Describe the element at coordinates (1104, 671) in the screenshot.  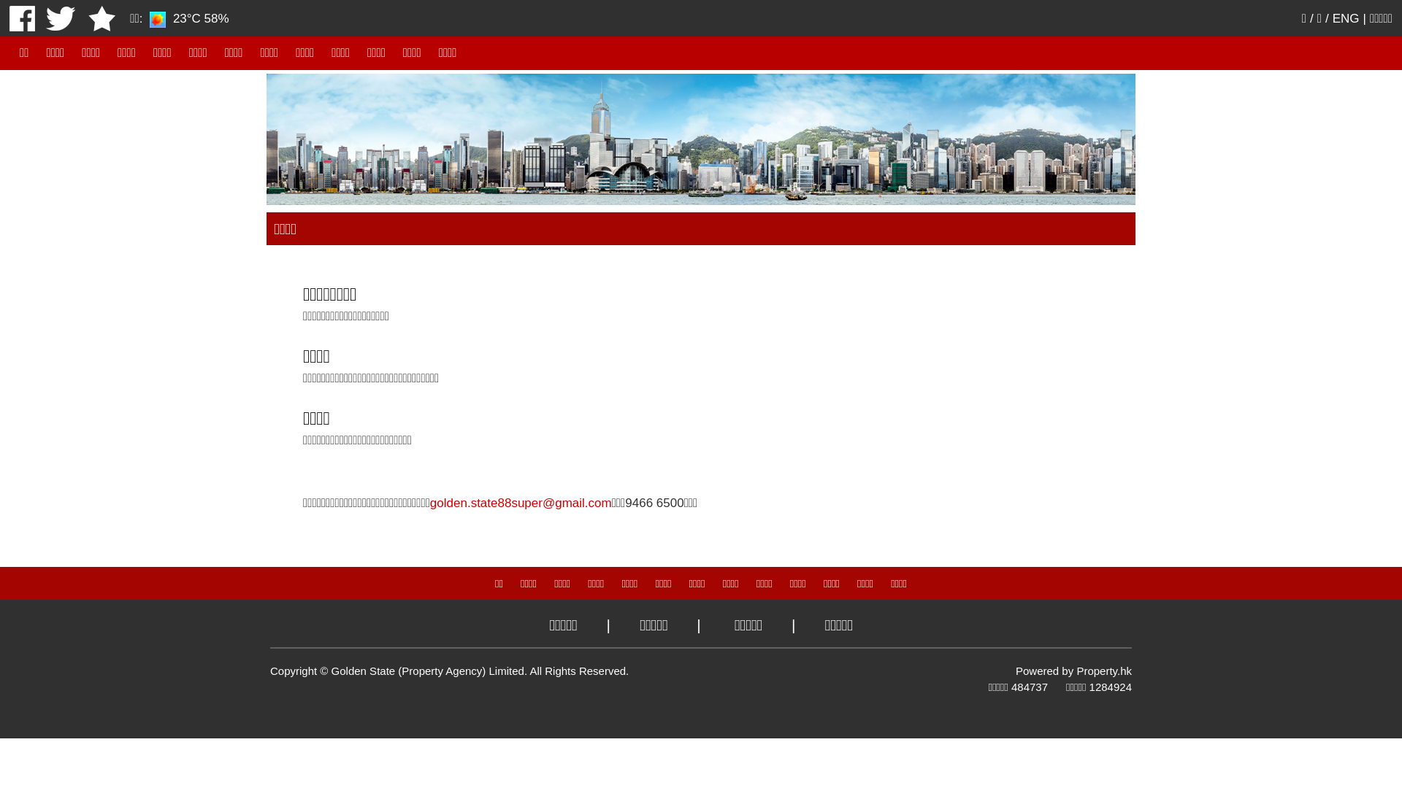
I see `'Property.hk'` at that location.